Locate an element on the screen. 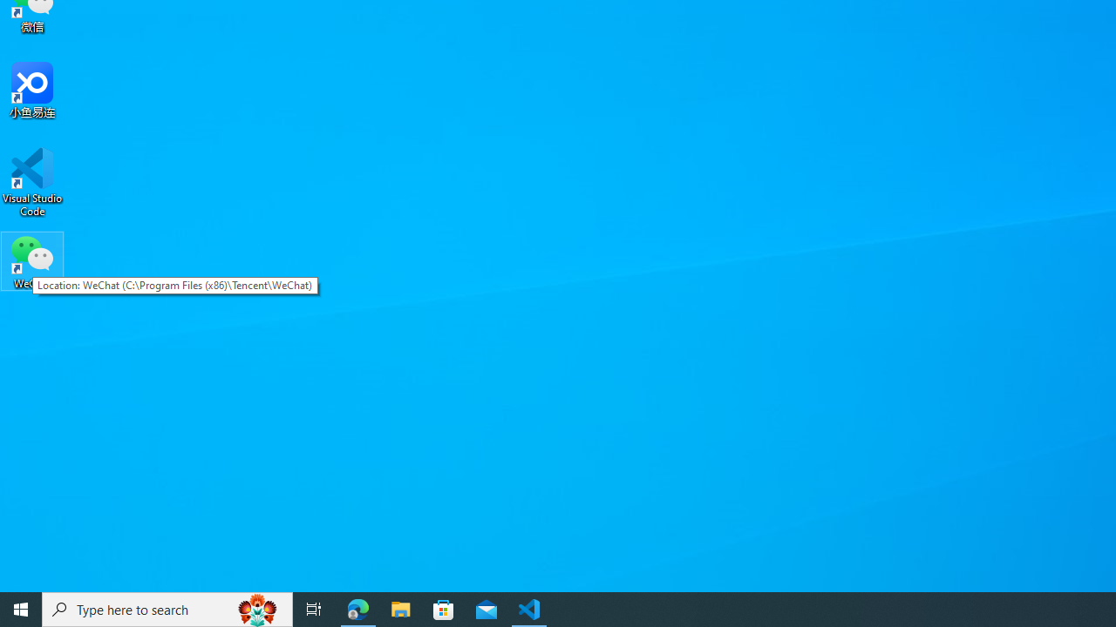  'Microsoft Store' is located at coordinates (444, 608).